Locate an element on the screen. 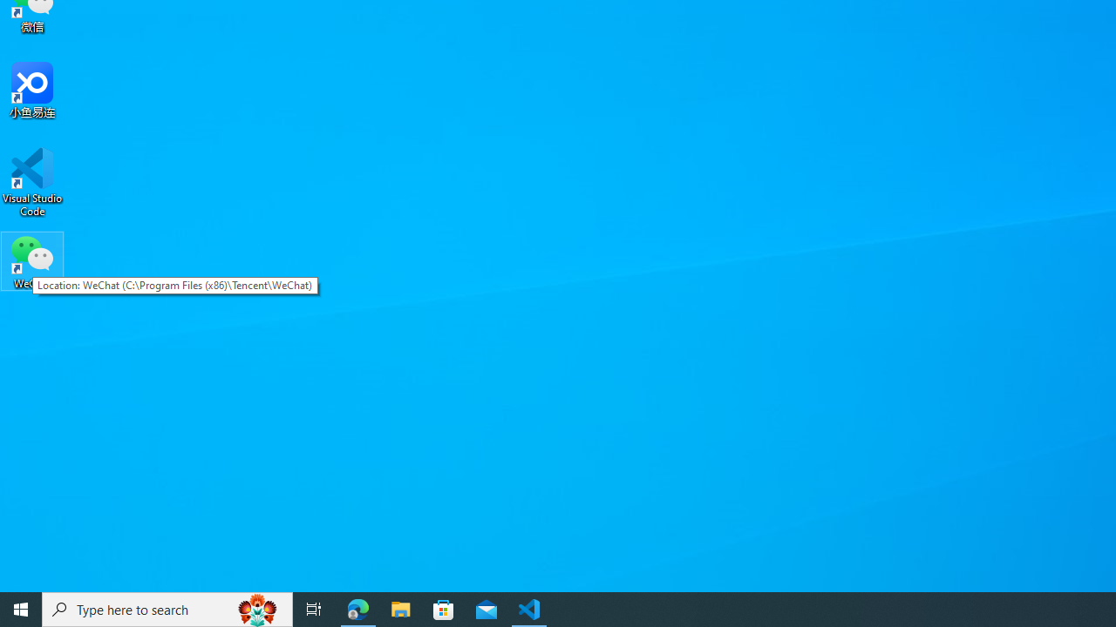  'Microsoft Store' is located at coordinates (444, 608).